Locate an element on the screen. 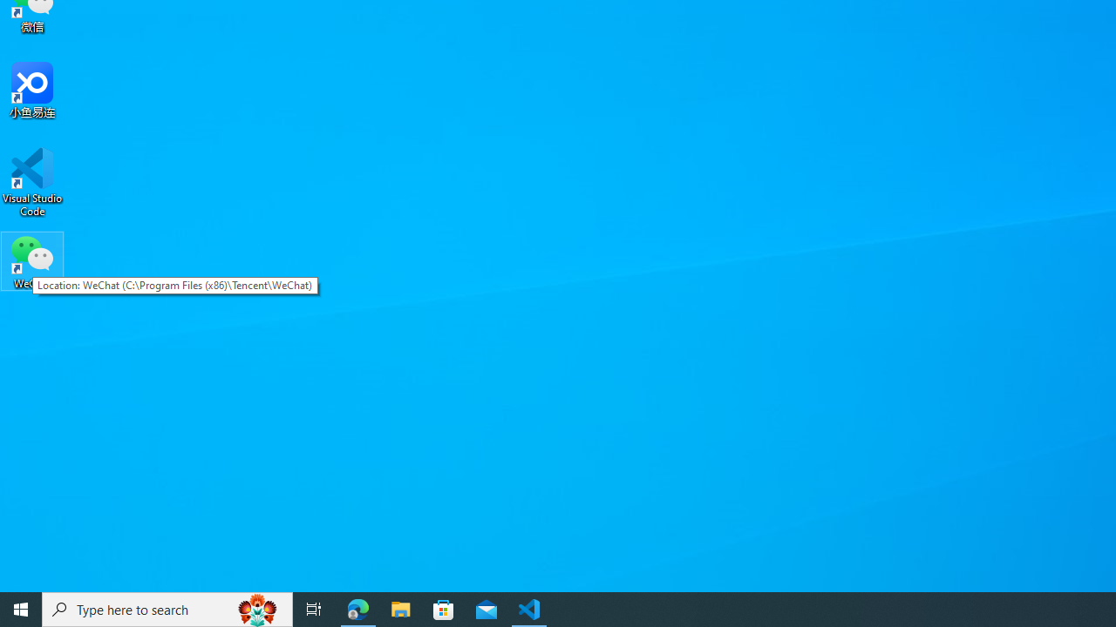  'Microsoft Store' is located at coordinates (444, 608).